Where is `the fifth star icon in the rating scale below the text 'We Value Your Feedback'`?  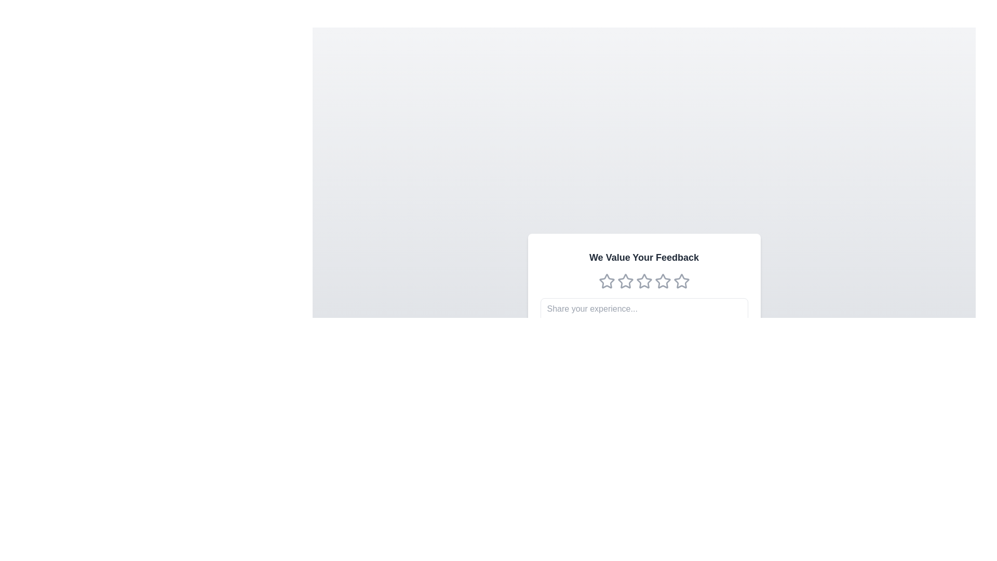 the fifth star icon in the rating scale below the text 'We Value Your Feedback' is located at coordinates (681, 281).